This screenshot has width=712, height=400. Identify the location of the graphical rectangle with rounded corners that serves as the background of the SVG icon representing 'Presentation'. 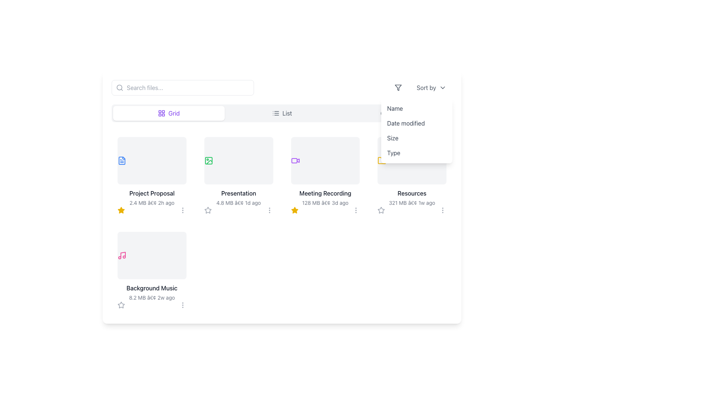
(208, 160).